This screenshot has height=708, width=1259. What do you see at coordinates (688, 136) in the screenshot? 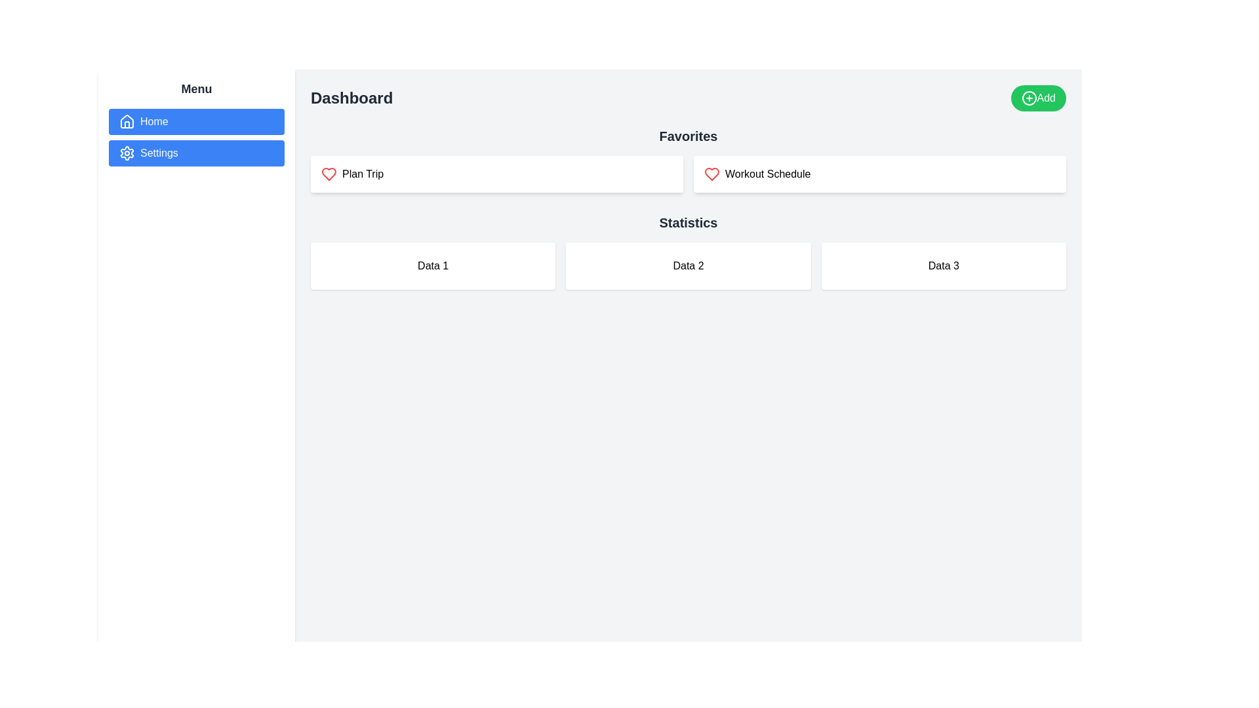
I see `text label that says 'Favorites', which is a large, bold, dark gray font located in the header section, above 'Plan Trip' and 'Workout Schedule'` at bounding box center [688, 136].